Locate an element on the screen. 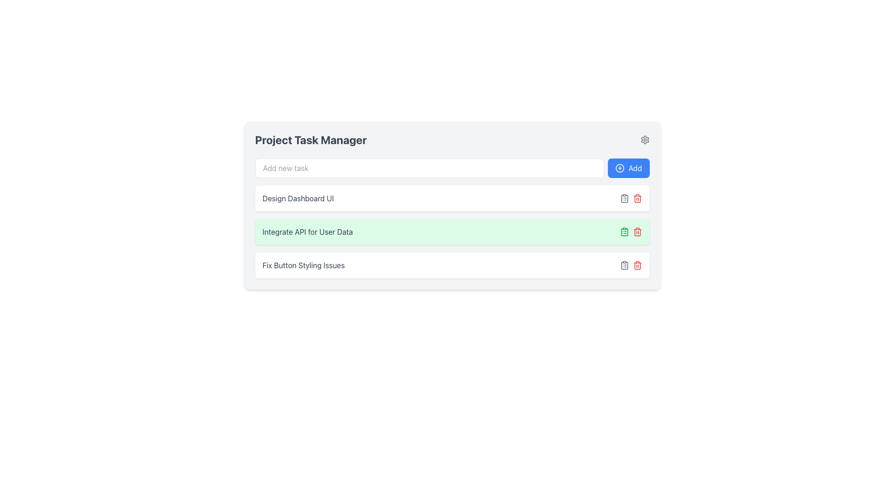 The width and height of the screenshot is (893, 502). the 'Add' icon embedded in the blue button is located at coordinates (620, 168).